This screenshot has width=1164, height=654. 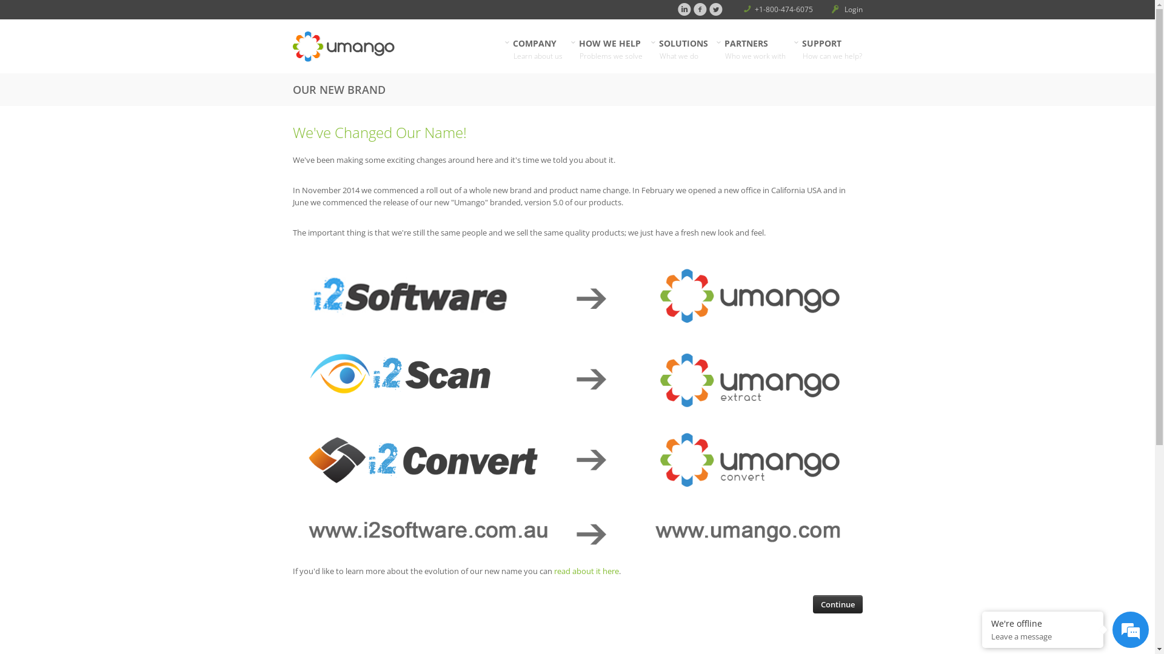 I want to click on 'Home', so click(x=383, y=46).